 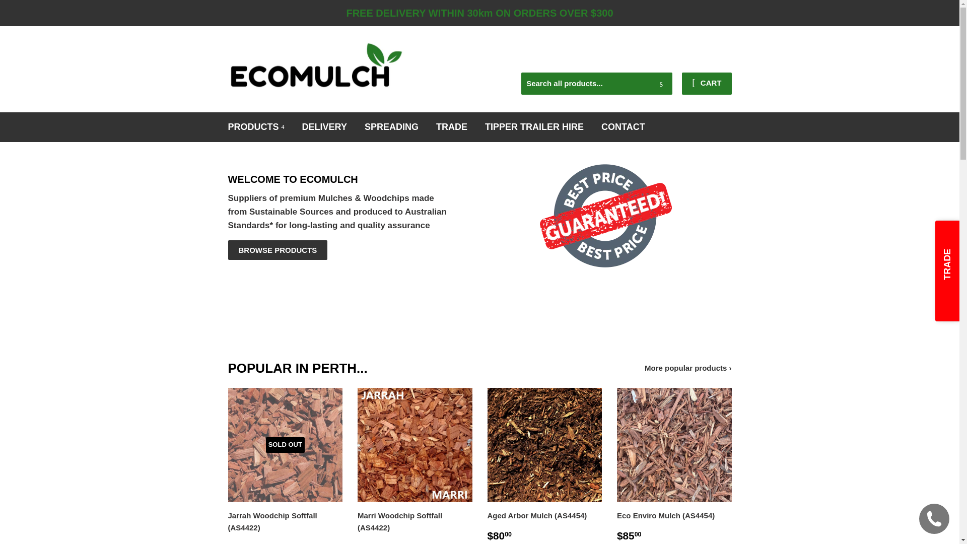 I want to click on 'DELIVERY', so click(x=324, y=126).